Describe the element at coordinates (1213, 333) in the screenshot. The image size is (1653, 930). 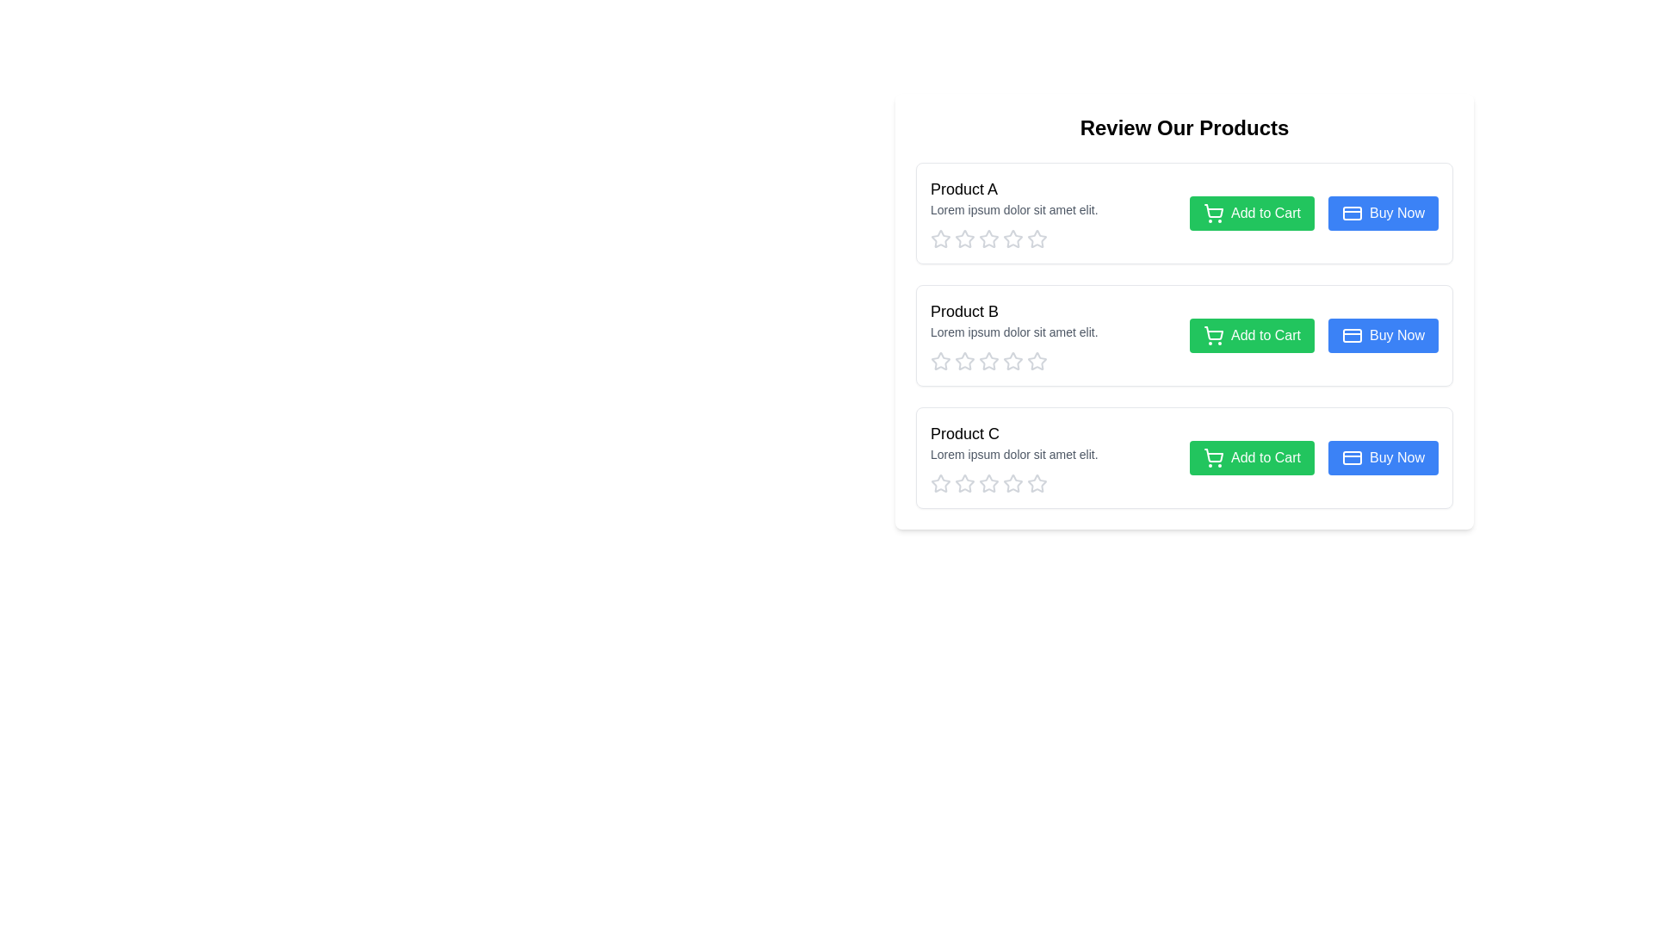
I see `the 'Add to Cart' button icon for 'Product B', which visually indicates the action of adding the product to the shopping cart` at that location.